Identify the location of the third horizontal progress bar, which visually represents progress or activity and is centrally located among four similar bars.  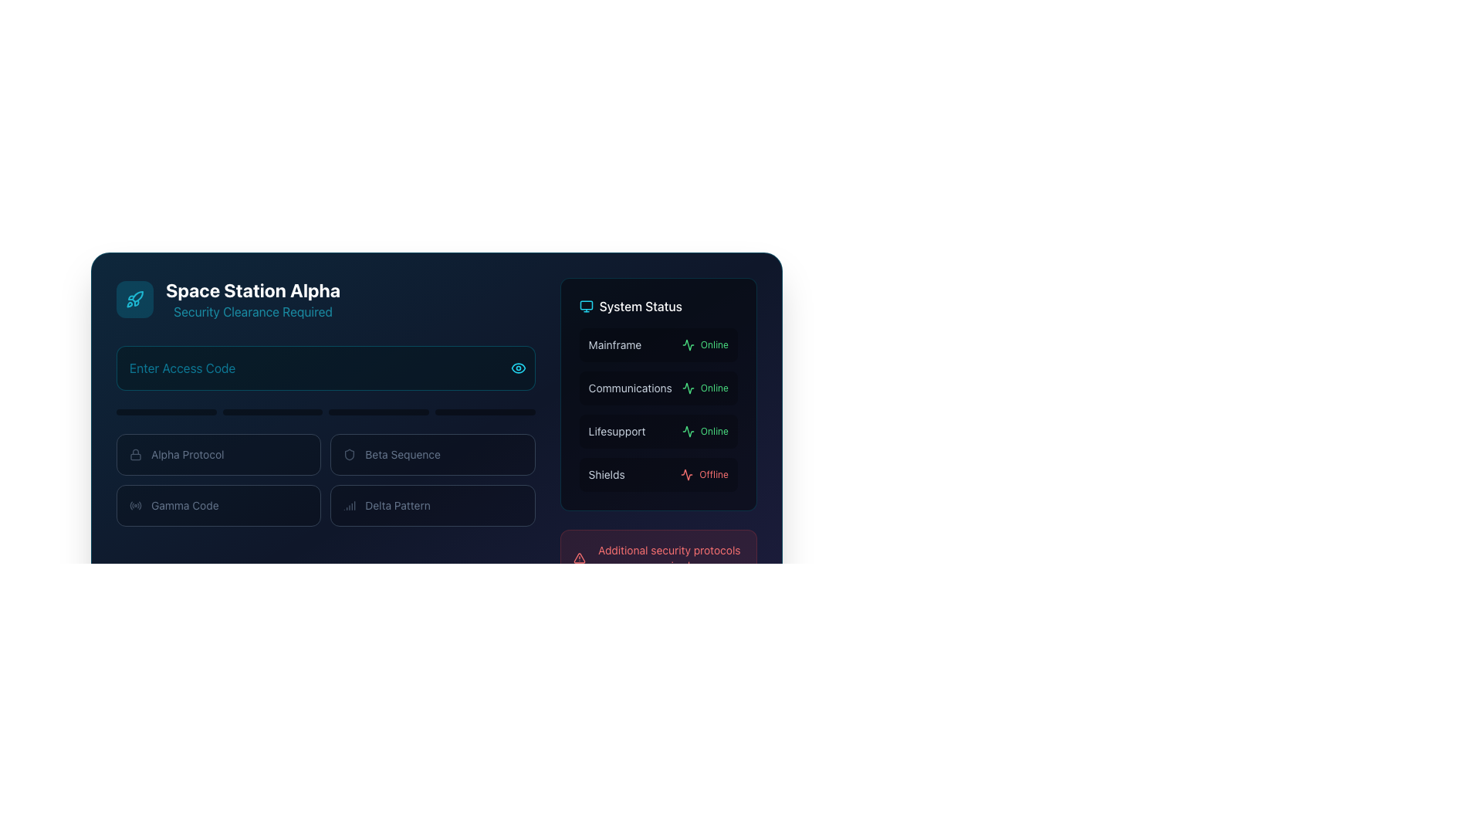
(379, 411).